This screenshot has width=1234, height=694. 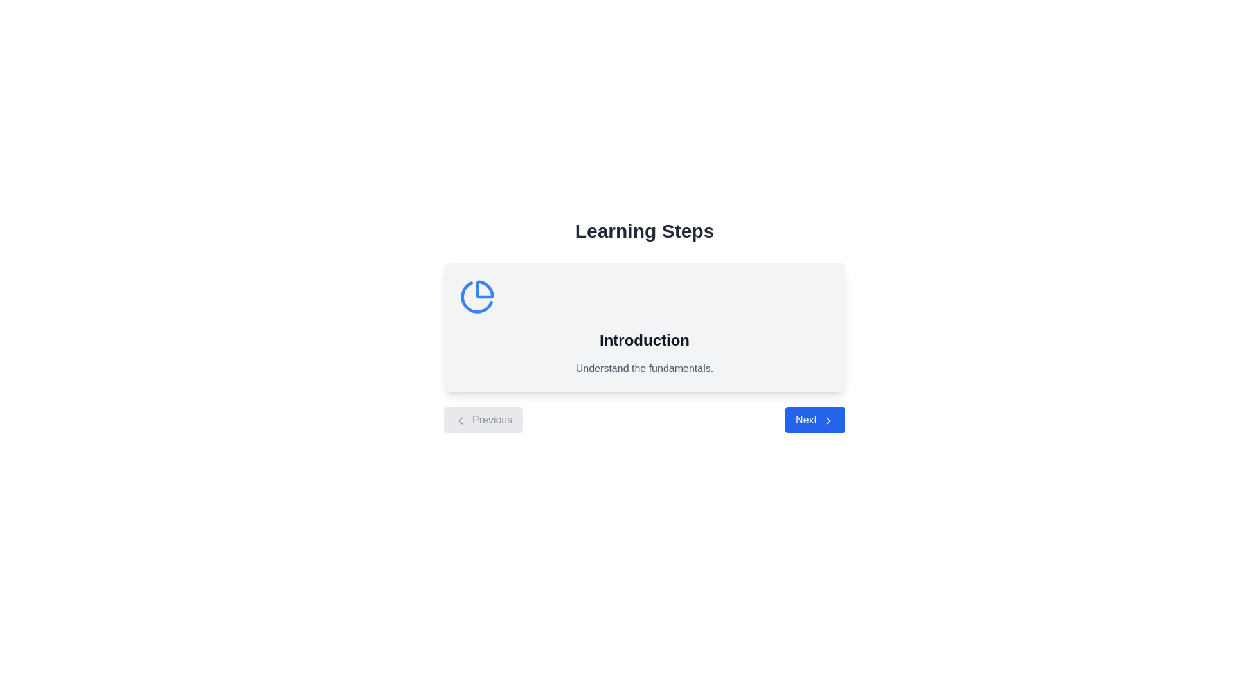 What do you see at coordinates (484, 289) in the screenshot?
I see `the first segment of the pie chart icon, which is styled with a blue outline and located to the left of the 'Introduction' title in the Learning Steps interface` at bounding box center [484, 289].